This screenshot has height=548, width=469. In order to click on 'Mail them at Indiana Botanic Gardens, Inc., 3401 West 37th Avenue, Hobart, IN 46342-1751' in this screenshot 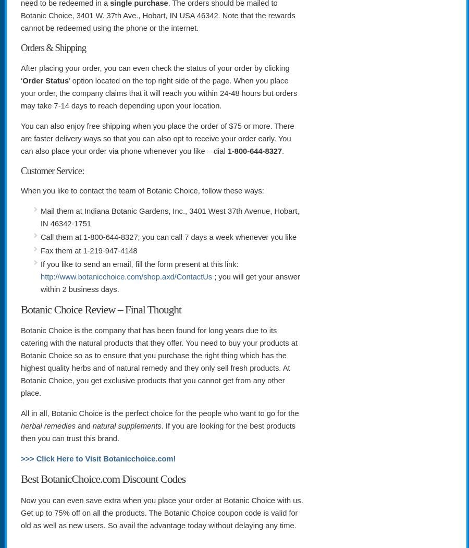, I will do `click(169, 217)`.